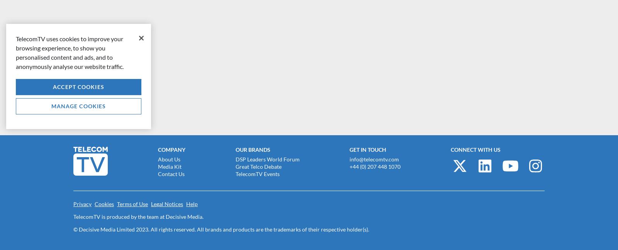 Image resolution: width=618 pixels, height=250 pixels. What do you see at coordinates (157, 158) in the screenshot?
I see `'About Us'` at bounding box center [157, 158].